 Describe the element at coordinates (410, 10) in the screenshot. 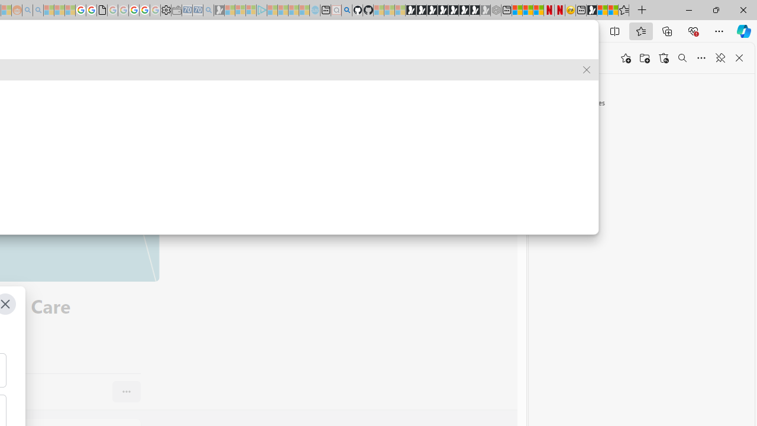

I see `'Play Free Online Games | Games from Microsoft Start'` at that location.